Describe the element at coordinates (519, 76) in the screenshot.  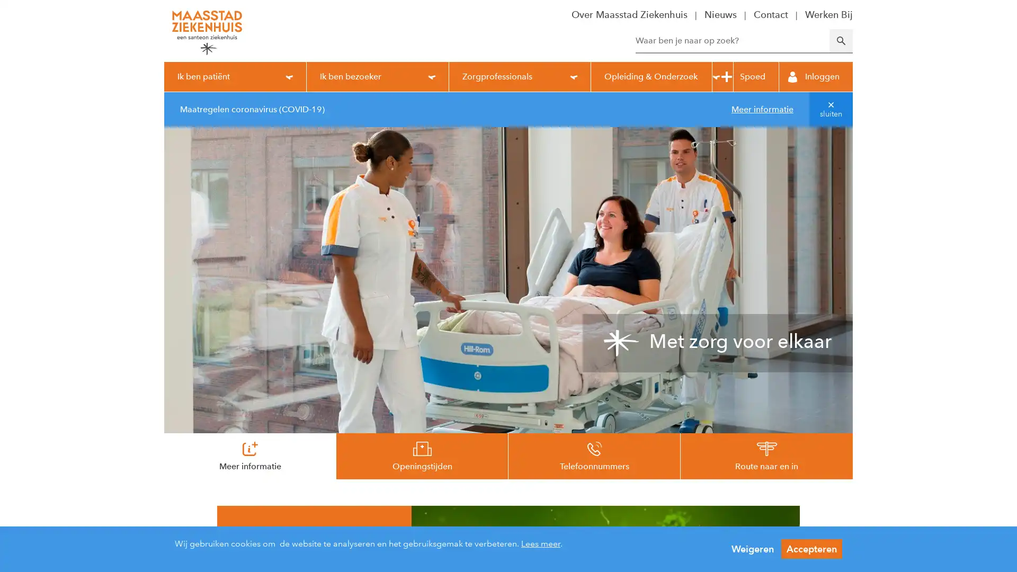
I see `Zorgprofessionals` at that location.